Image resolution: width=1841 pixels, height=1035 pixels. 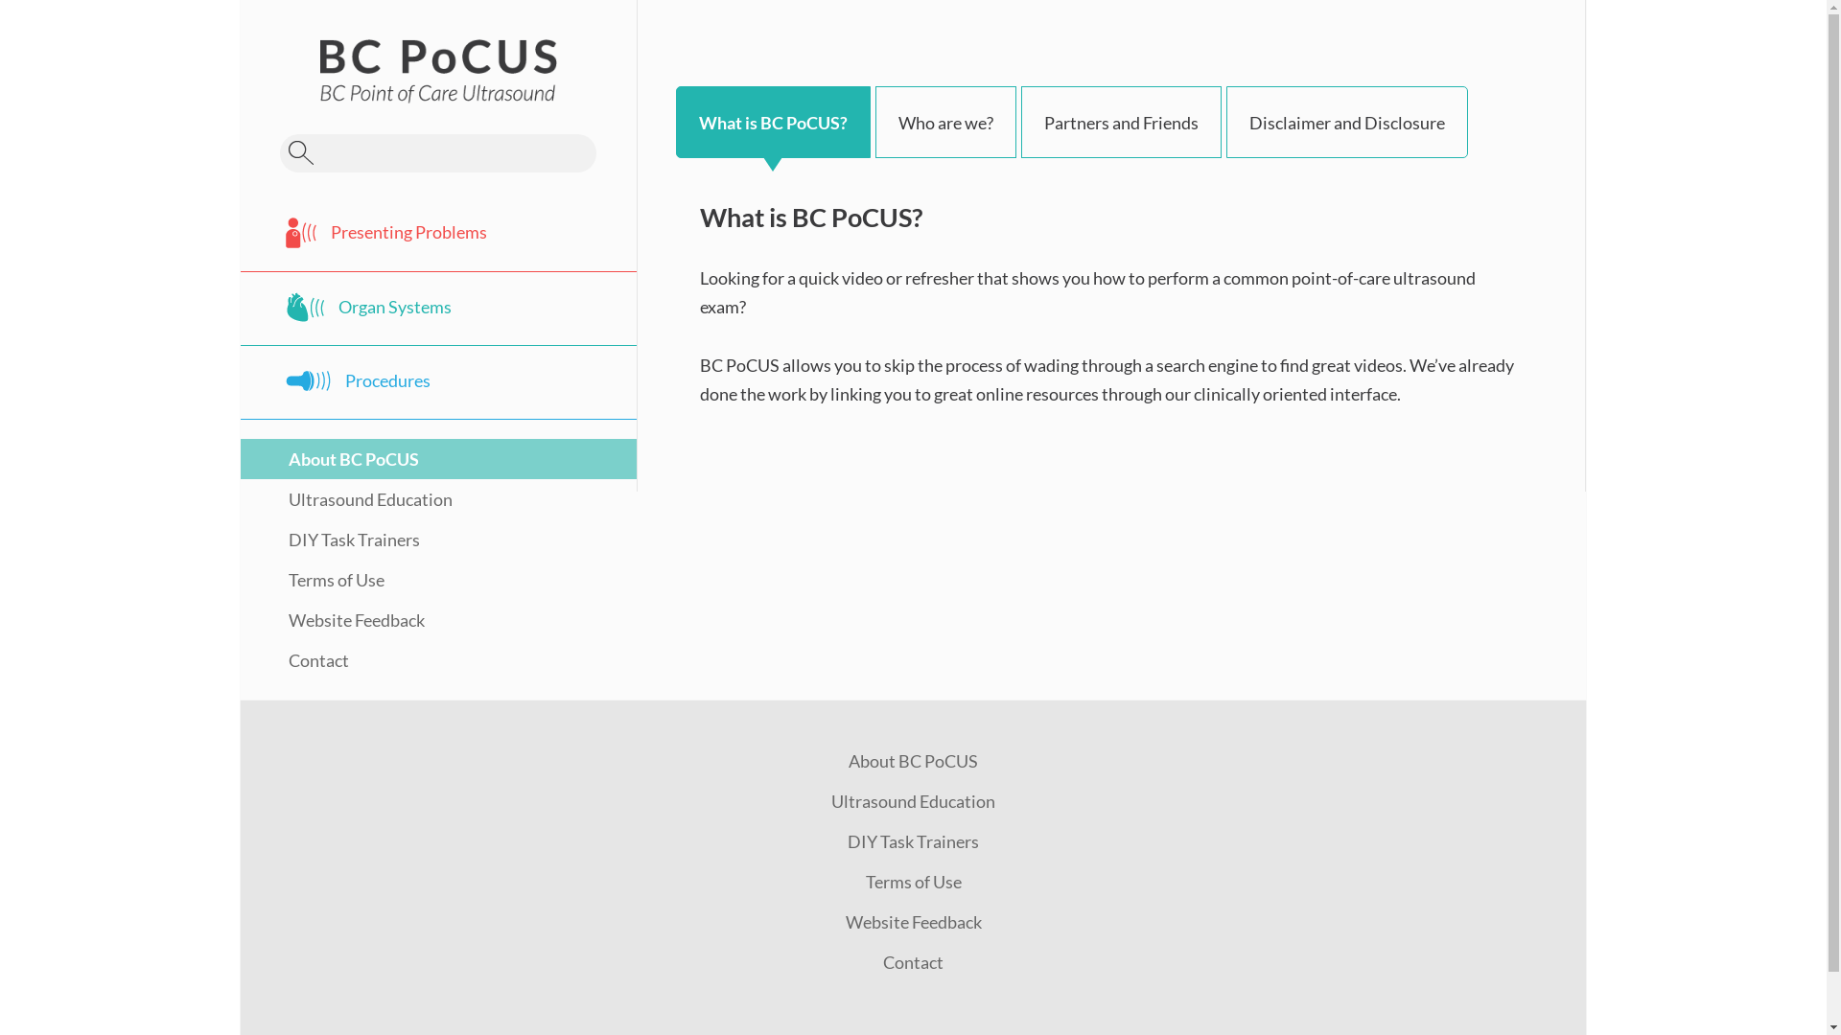 What do you see at coordinates (293, 659) in the screenshot?
I see `'Contact'` at bounding box center [293, 659].